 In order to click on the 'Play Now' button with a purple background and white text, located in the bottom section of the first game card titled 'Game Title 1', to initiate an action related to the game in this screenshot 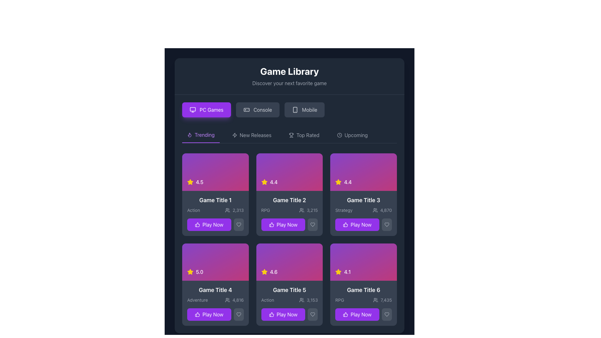, I will do `click(215, 224)`.